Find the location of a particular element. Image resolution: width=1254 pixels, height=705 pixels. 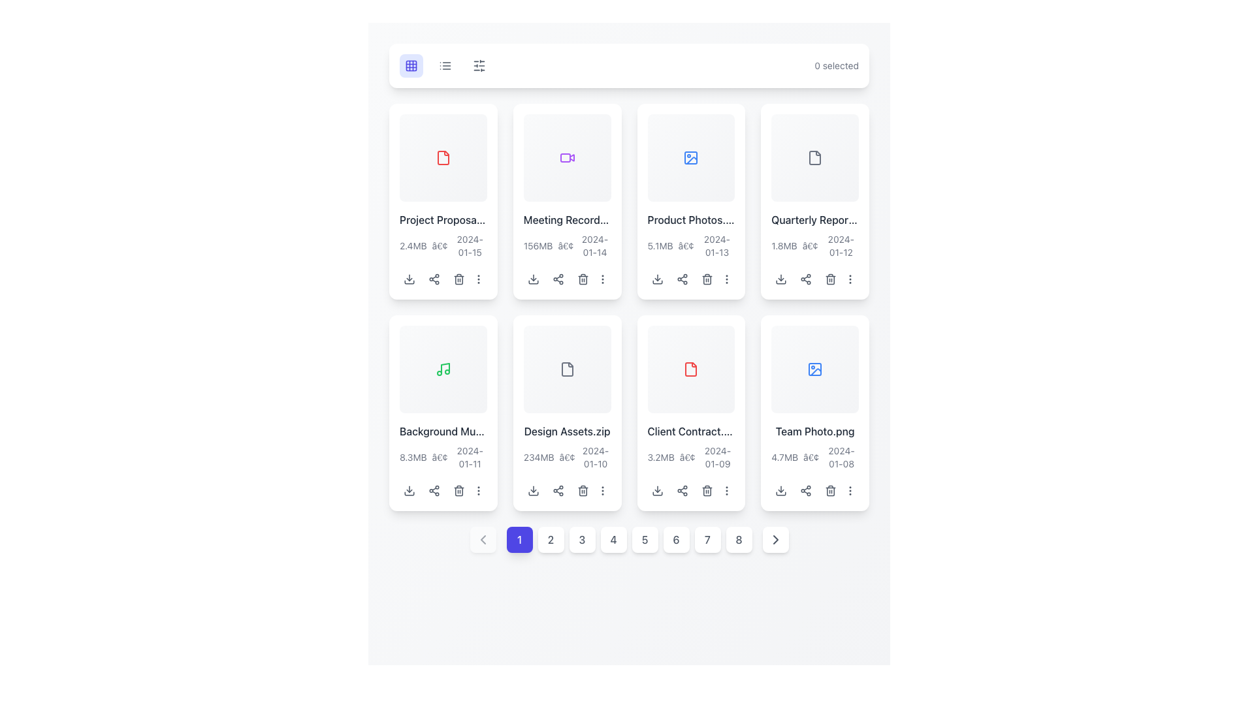

the vertical ellipsis icon located at the far right of the interactive icons row is located at coordinates (850, 278).